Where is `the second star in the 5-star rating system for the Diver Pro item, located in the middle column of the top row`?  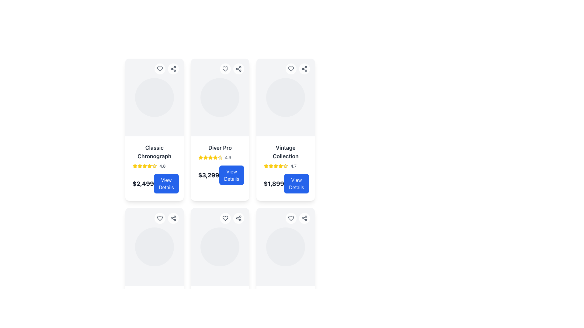 the second star in the 5-star rating system for the Diver Pro item, located in the middle column of the top row is located at coordinates (220, 157).